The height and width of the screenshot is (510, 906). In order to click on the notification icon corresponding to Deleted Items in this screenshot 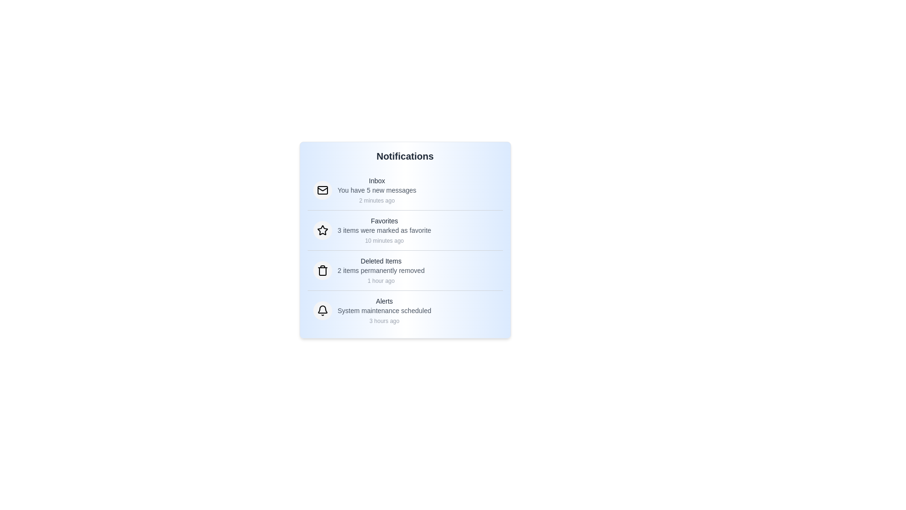, I will do `click(322, 271)`.